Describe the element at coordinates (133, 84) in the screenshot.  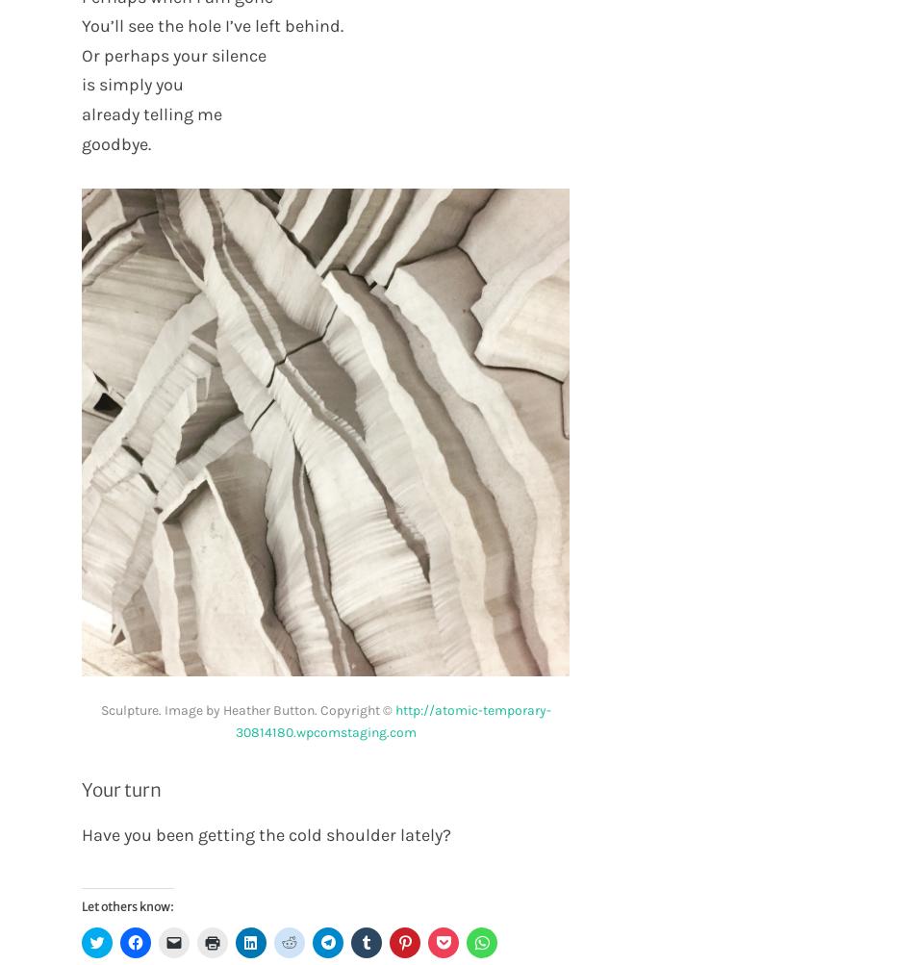
I see `'is simply you'` at that location.